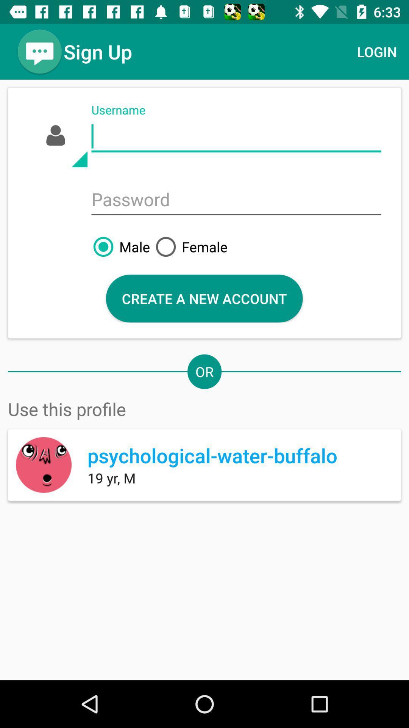  I want to click on user name for login text field for user name, so click(236, 136).